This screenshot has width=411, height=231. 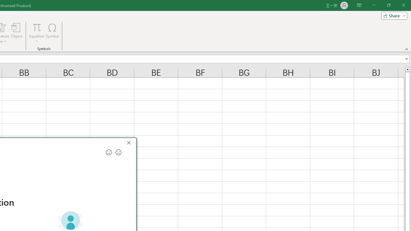 What do you see at coordinates (374, 5) in the screenshot?
I see `'Minimize'` at bounding box center [374, 5].